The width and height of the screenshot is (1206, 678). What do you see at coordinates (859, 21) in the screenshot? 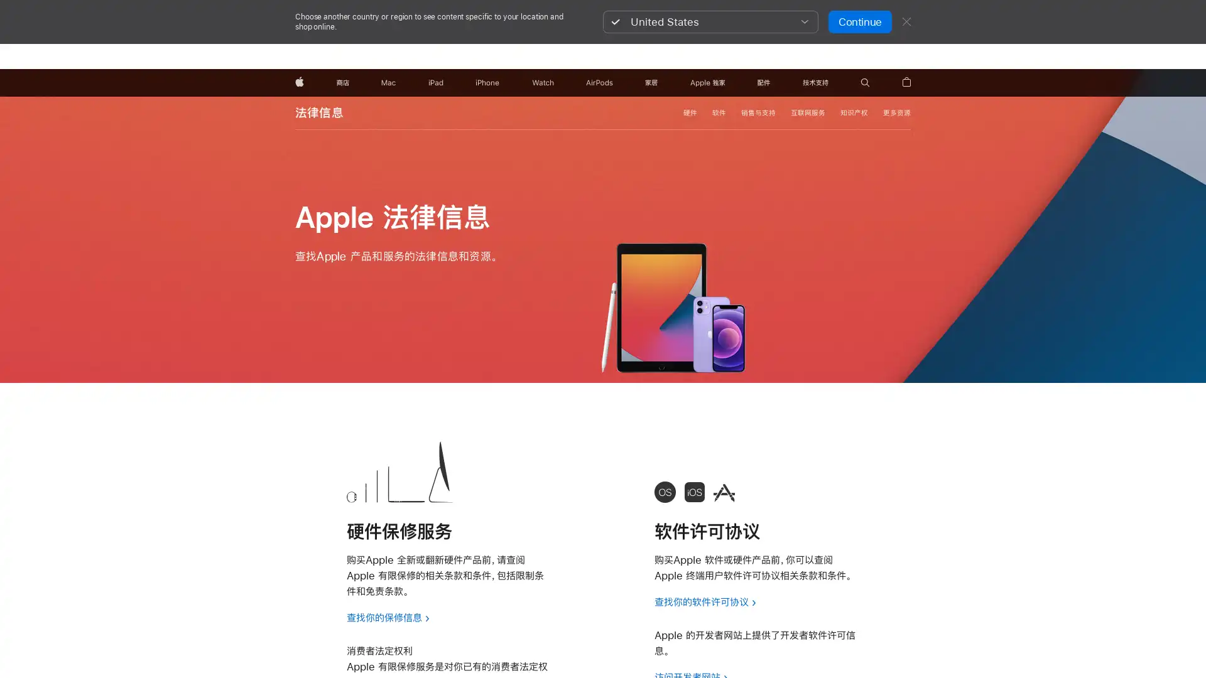
I see `Continue` at bounding box center [859, 21].